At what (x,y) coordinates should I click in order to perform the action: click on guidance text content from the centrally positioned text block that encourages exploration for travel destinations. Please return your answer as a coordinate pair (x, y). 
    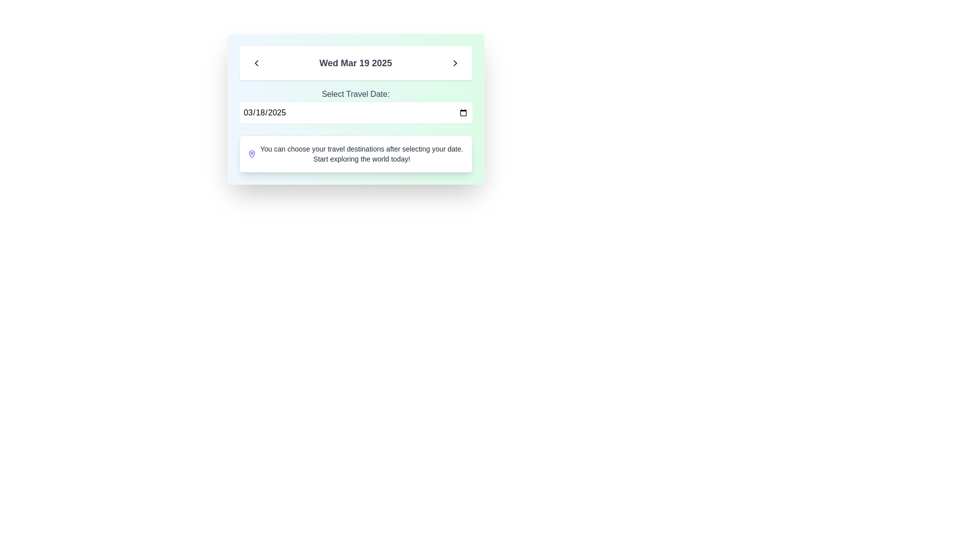
    Looking at the image, I should click on (361, 154).